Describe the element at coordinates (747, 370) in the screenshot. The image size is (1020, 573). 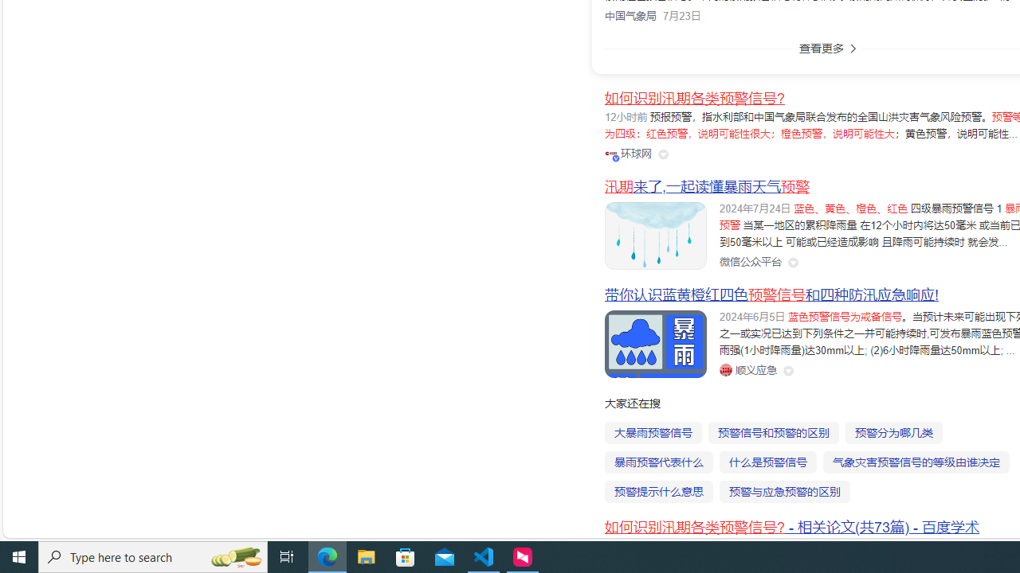
I see `'Class: siteLink_9TPP3'` at that location.